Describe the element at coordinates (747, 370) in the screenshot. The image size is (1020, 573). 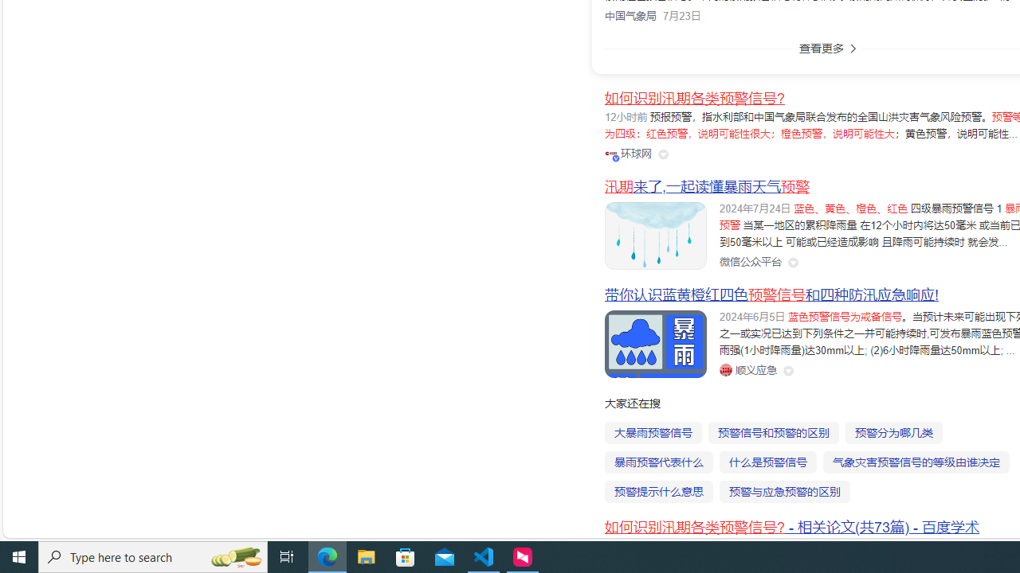
I see `'Class: siteLink_9TPP3'` at that location.